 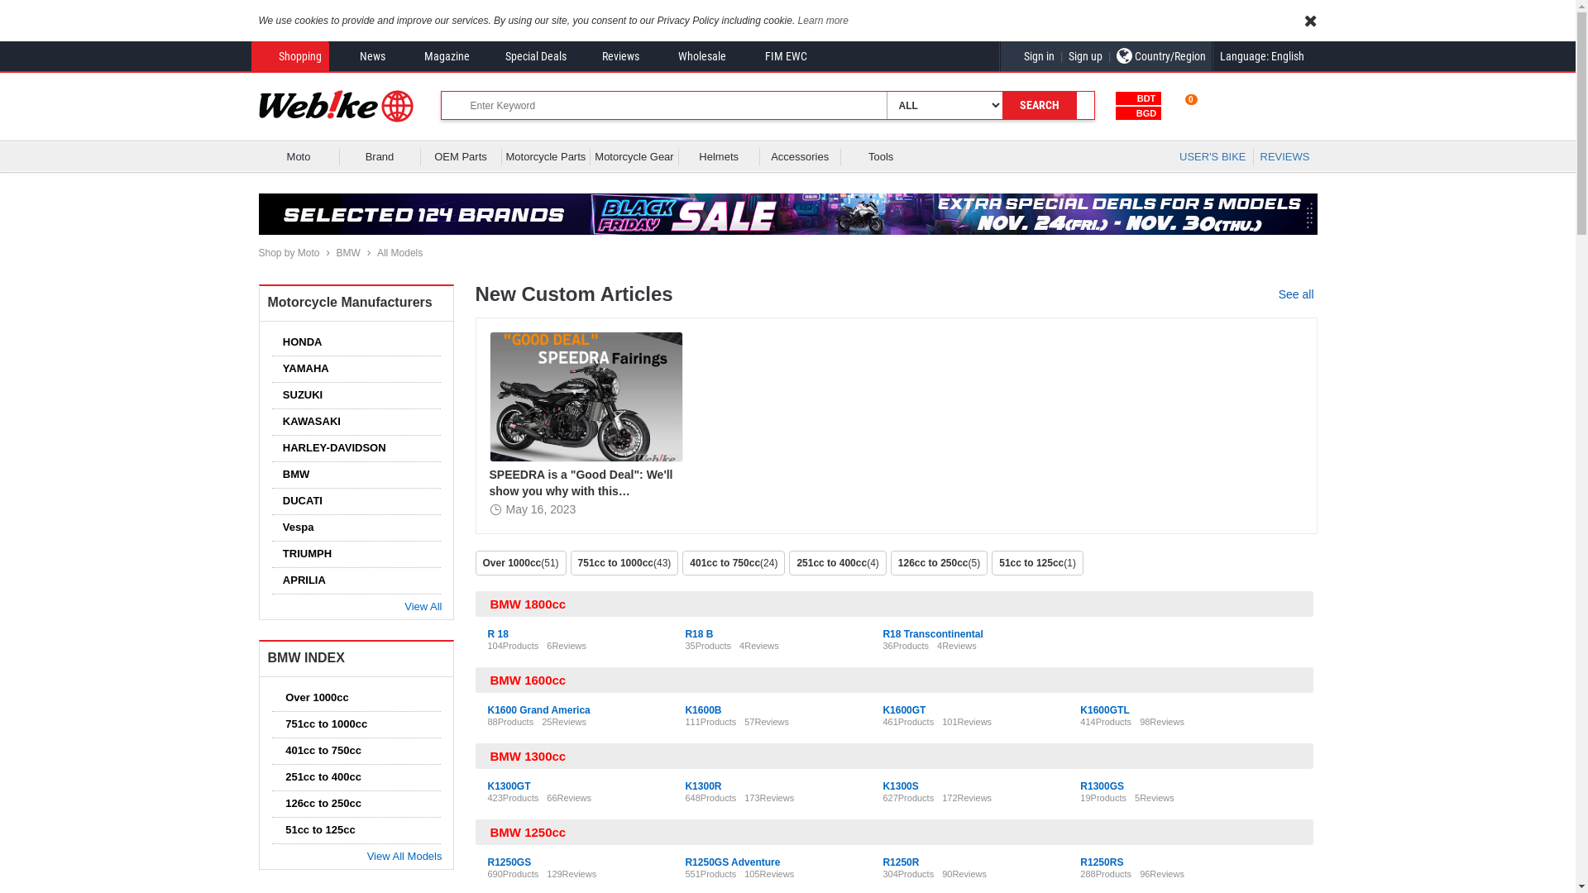 What do you see at coordinates (512, 872) in the screenshot?
I see `'690Products'` at bounding box center [512, 872].